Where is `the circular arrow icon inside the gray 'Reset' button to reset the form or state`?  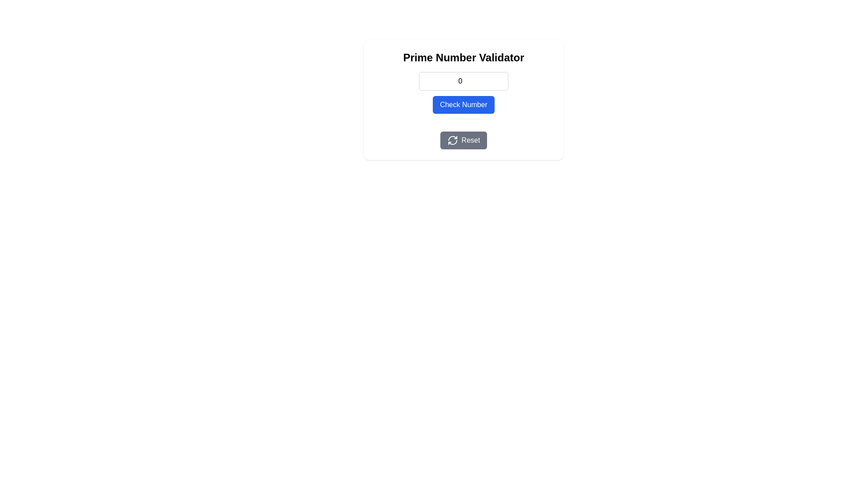
the circular arrow icon inside the gray 'Reset' button to reset the form or state is located at coordinates (452, 140).